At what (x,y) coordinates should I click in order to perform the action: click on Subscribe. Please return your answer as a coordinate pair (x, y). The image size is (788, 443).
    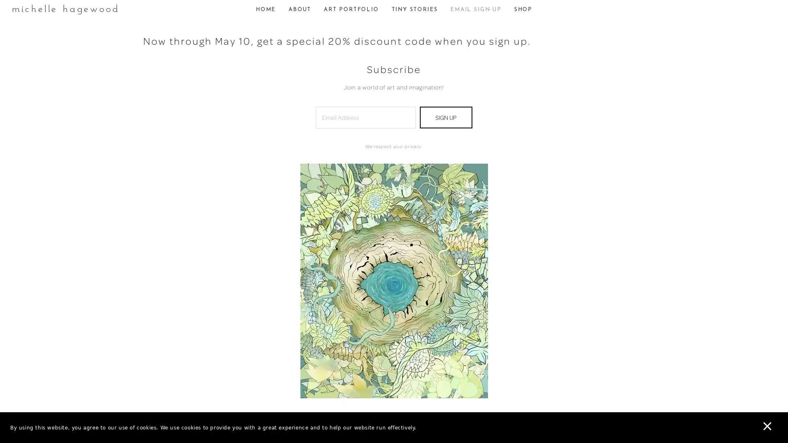
    Looking at the image, I should click on (463, 251).